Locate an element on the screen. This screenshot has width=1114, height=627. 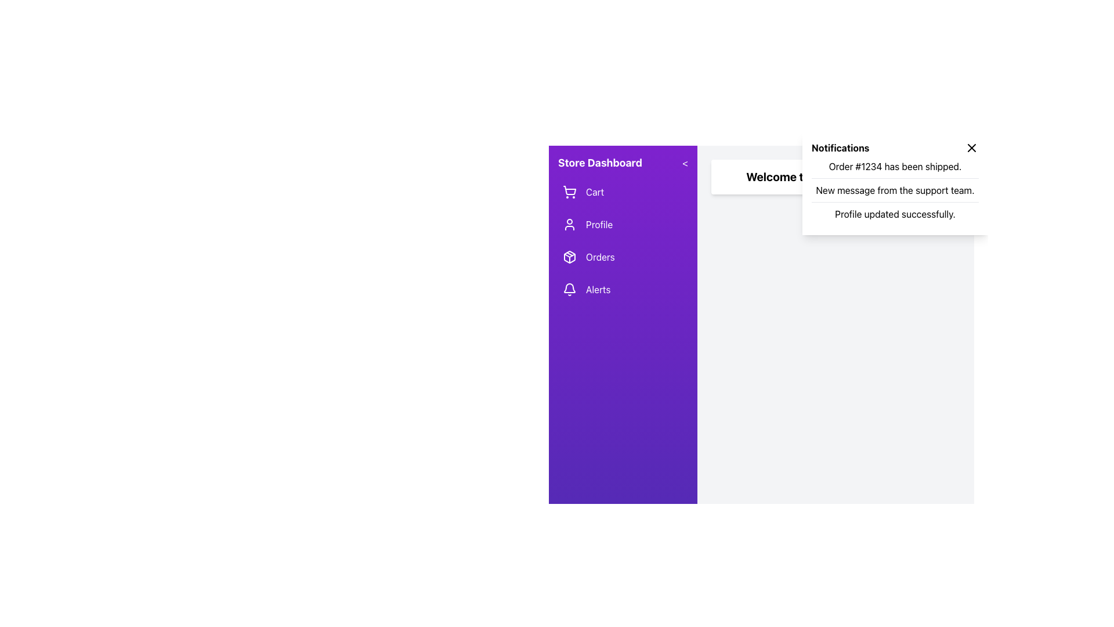
text from the header label of the notifications popup, which is positioned at the top-left of the overlay and indicates the purpose of the notifications is located at coordinates (840, 147).